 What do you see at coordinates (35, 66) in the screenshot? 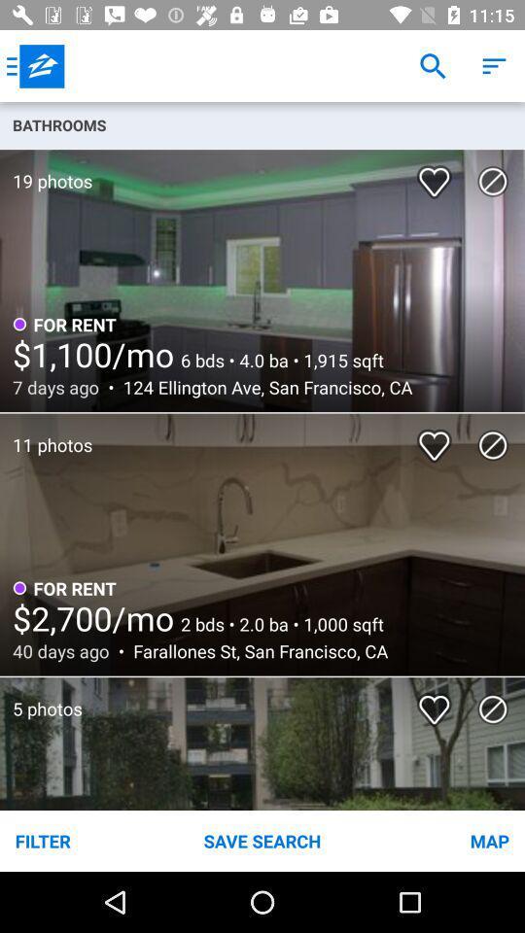
I see `the item above the bathrooms item` at bounding box center [35, 66].